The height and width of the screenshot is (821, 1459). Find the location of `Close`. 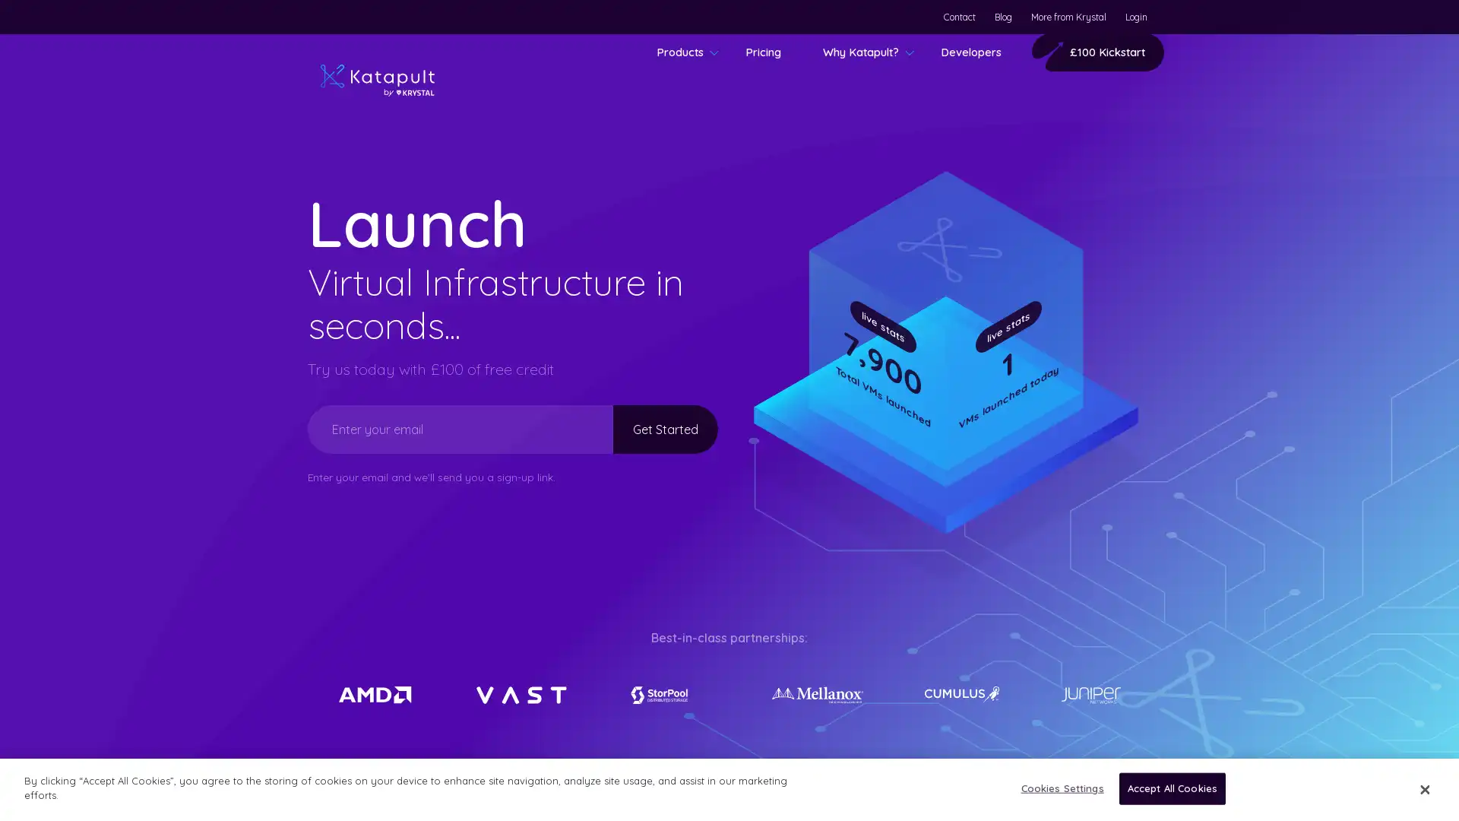

Close is located at coordinates (1423, 788).